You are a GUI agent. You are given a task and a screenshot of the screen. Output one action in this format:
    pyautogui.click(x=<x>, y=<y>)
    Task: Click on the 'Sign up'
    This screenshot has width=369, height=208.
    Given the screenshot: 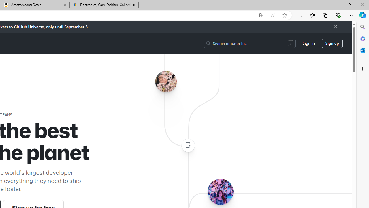 What is the action you would take?
    pyautogui.click(x=332, y=43)
    